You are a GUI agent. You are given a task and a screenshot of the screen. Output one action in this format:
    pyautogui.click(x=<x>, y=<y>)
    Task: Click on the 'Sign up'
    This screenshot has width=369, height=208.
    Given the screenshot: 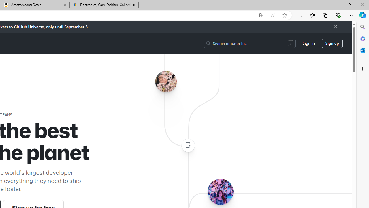 What is the action you would take?
    pyautogui.click(x=332, y=43)
    